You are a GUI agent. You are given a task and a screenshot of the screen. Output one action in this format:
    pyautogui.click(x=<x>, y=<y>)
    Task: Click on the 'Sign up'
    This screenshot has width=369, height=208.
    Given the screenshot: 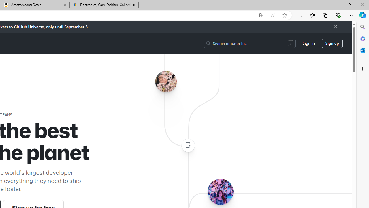 What is the action you would take?
    pyautogui.click(x=332, y=43)
    